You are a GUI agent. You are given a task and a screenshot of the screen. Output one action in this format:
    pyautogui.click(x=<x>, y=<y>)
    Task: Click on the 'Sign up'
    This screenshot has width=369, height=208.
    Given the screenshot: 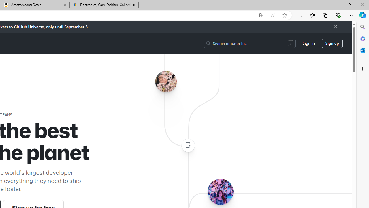 What is the action you would take?
    pyautogui.click(x=332, y=43)
    